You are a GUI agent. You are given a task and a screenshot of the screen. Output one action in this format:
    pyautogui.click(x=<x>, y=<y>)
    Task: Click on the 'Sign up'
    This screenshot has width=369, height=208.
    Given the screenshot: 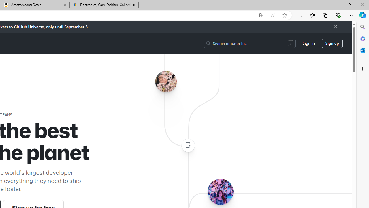 What is the action you would take?
    pyautogui.click(x=332, y=43)
    